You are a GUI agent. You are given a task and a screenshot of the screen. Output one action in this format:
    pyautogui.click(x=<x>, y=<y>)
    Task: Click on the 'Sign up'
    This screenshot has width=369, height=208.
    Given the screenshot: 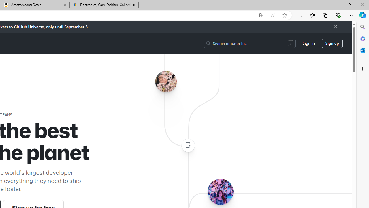 What is the action you would take?
    pyautogui.click(x=332, y=43)
    